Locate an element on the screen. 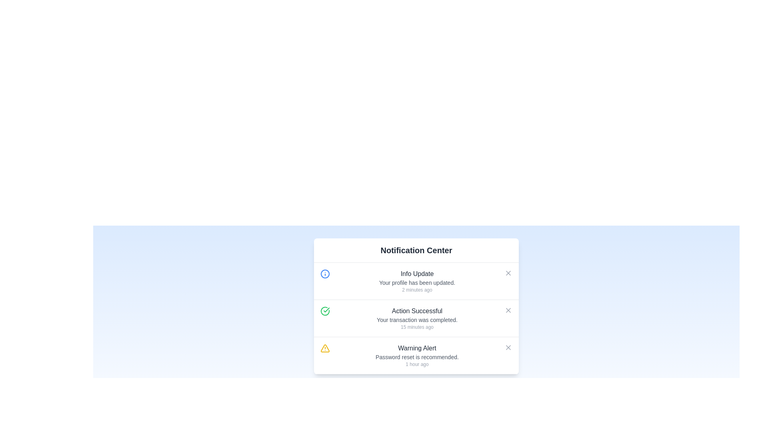 This screenshot has width=768, height=432. the small gray 'X' icon button located in the bottom-right corner of the 'Warning Alert' notification card to change its color is located at coordinates (508, 347).